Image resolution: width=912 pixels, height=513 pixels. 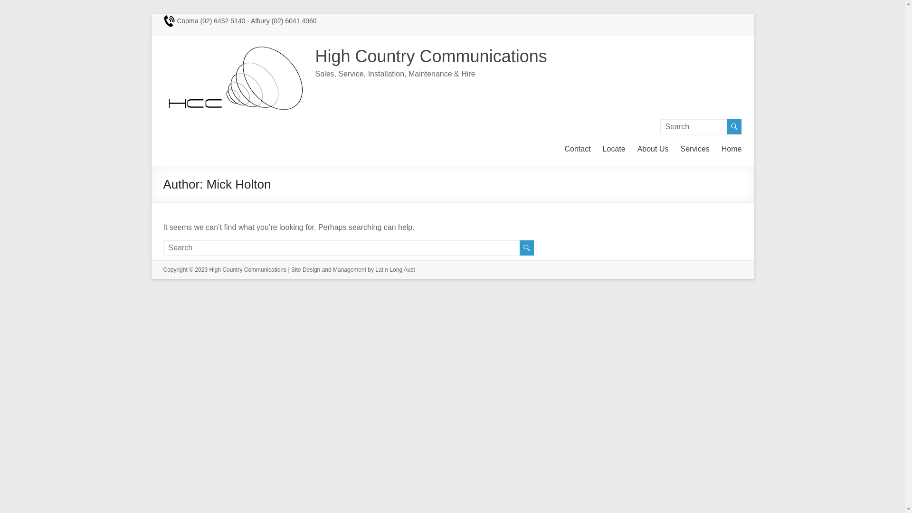 What do you see at coordinates (614, 148) in the screenshot?
I see `'Locate'` at bounding box center [614, 148].